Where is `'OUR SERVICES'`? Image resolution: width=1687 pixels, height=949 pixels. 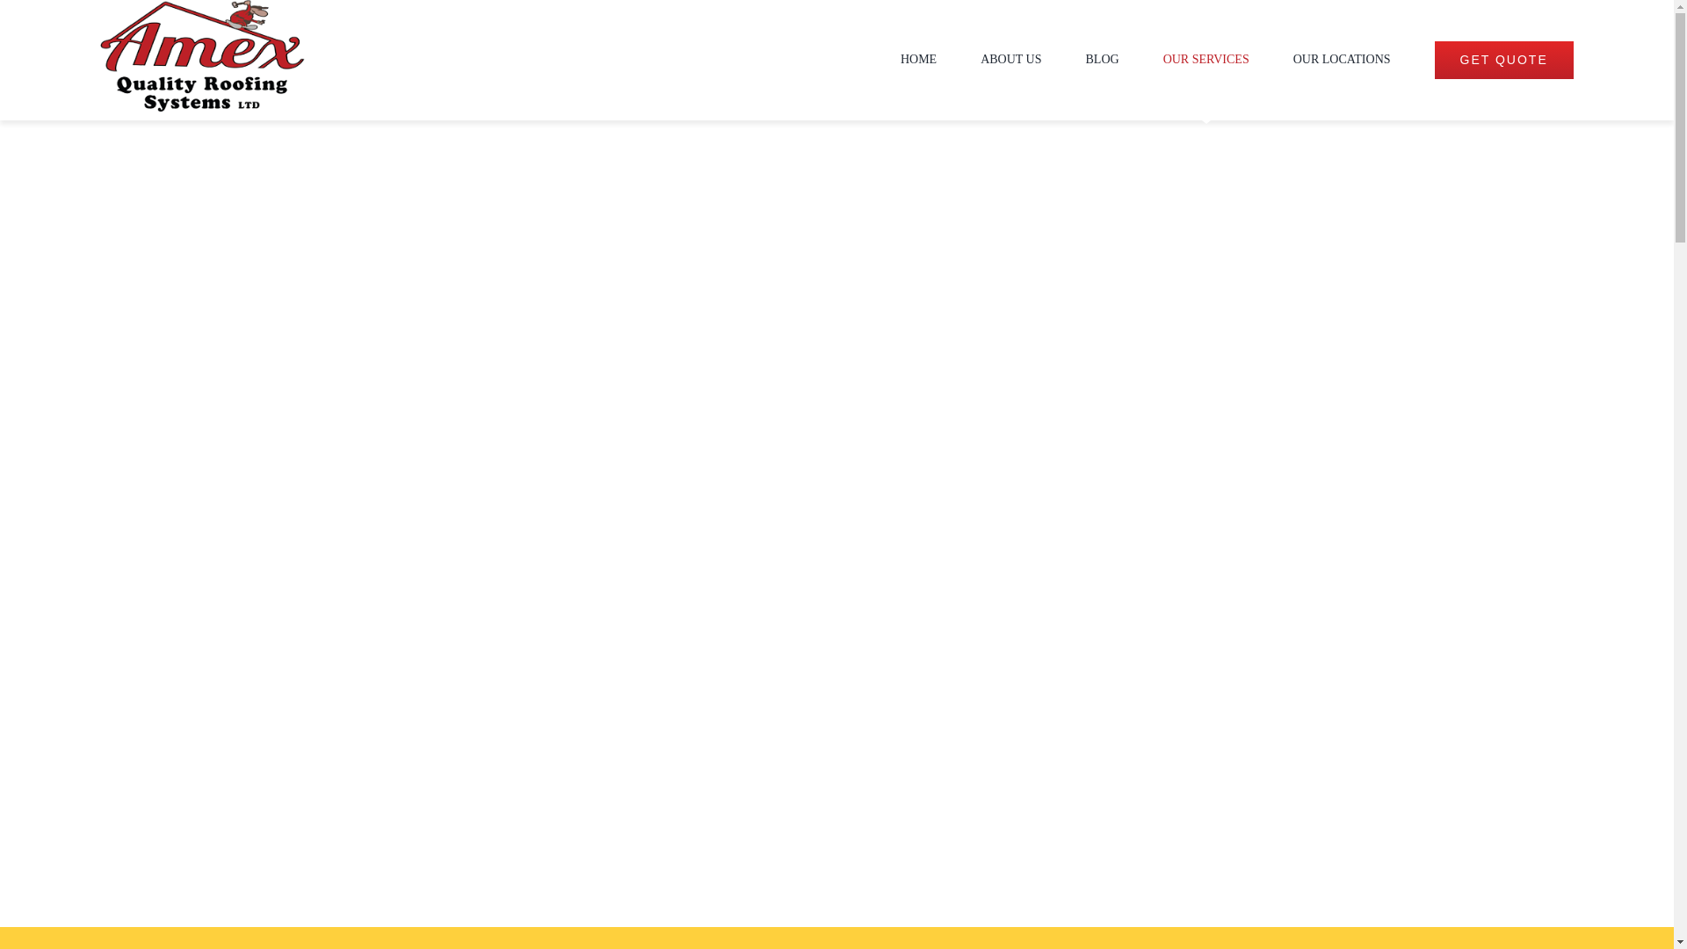
'OUR SERVICES' is located at coordinates (1205, 59).